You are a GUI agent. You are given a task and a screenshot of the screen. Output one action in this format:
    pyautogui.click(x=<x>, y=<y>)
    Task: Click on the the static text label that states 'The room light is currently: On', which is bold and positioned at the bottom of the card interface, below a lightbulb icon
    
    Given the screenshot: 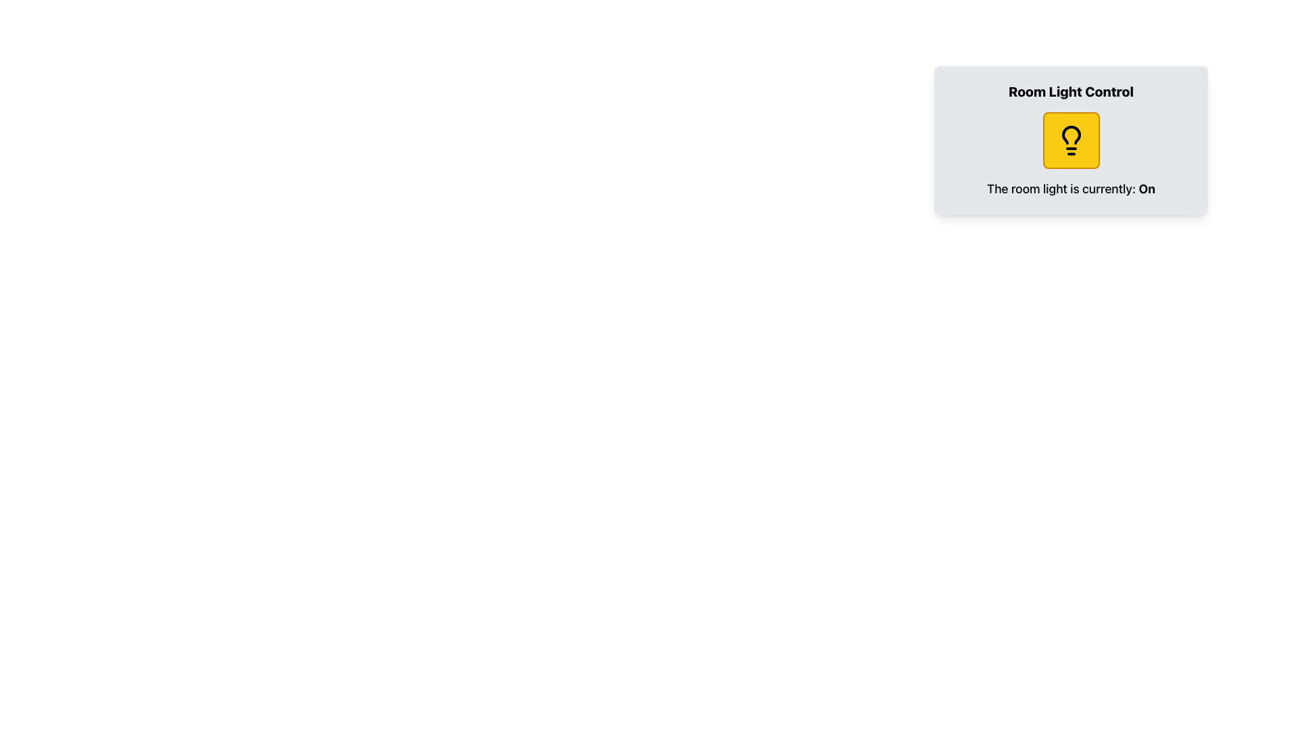 What is the action you would take?
    pyautogui.click(x=1070, y=189)
    